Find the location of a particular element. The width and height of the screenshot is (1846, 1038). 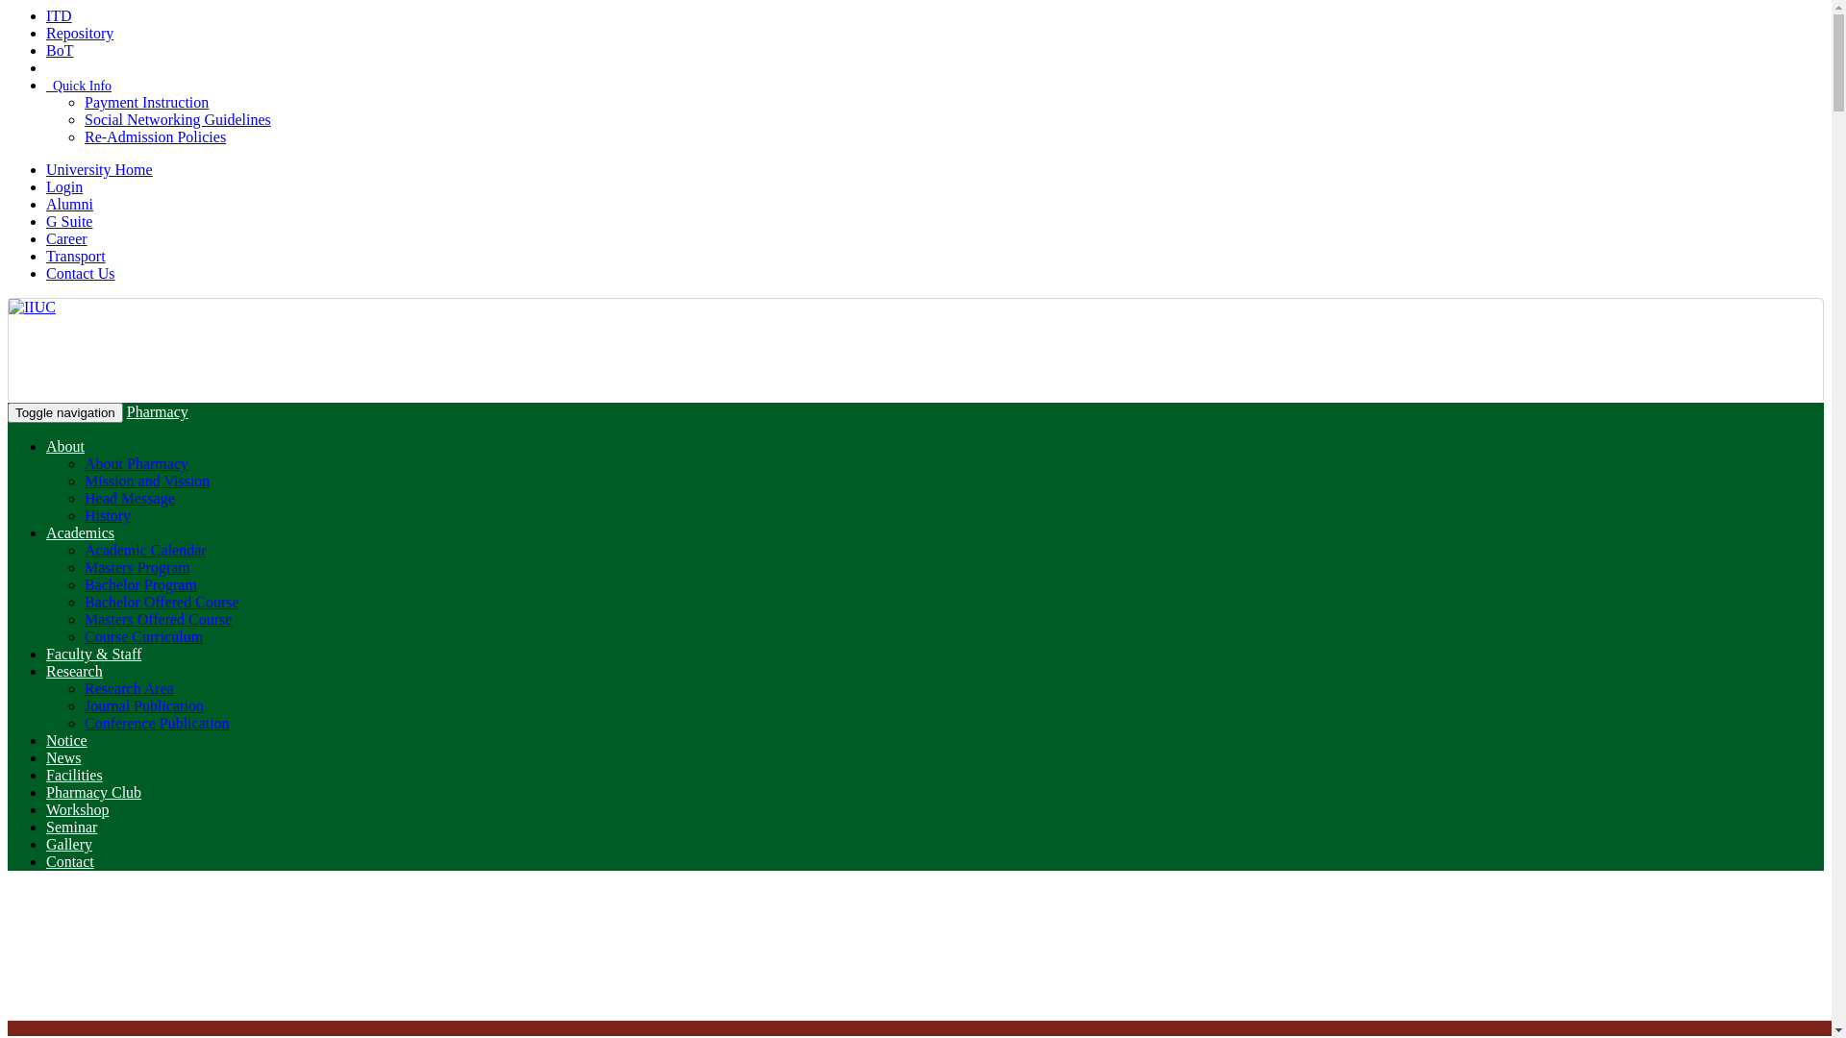

'Masters Program' is located at coordinates (137, 566).